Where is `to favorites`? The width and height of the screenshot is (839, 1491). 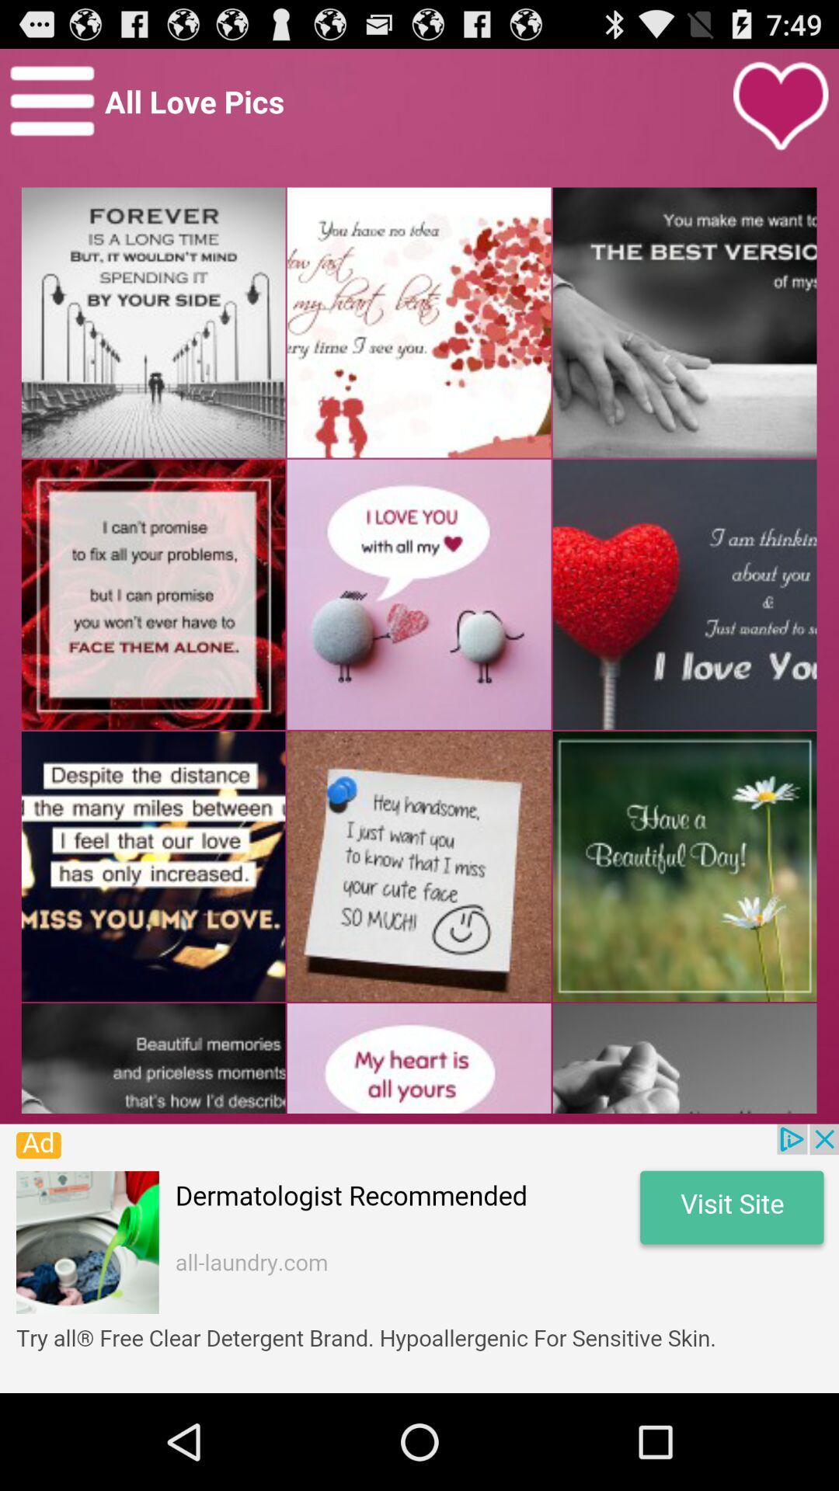
to favorites is located at coordinates (781, 106).